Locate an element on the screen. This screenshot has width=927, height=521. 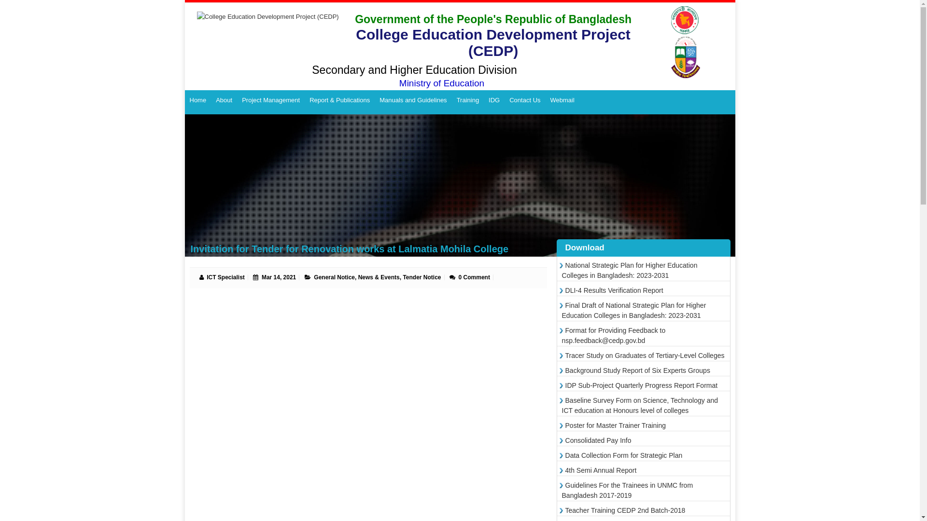
'IDP Sub-Project Quarterly Progress Report Format' is located at coordinates (562, 384).